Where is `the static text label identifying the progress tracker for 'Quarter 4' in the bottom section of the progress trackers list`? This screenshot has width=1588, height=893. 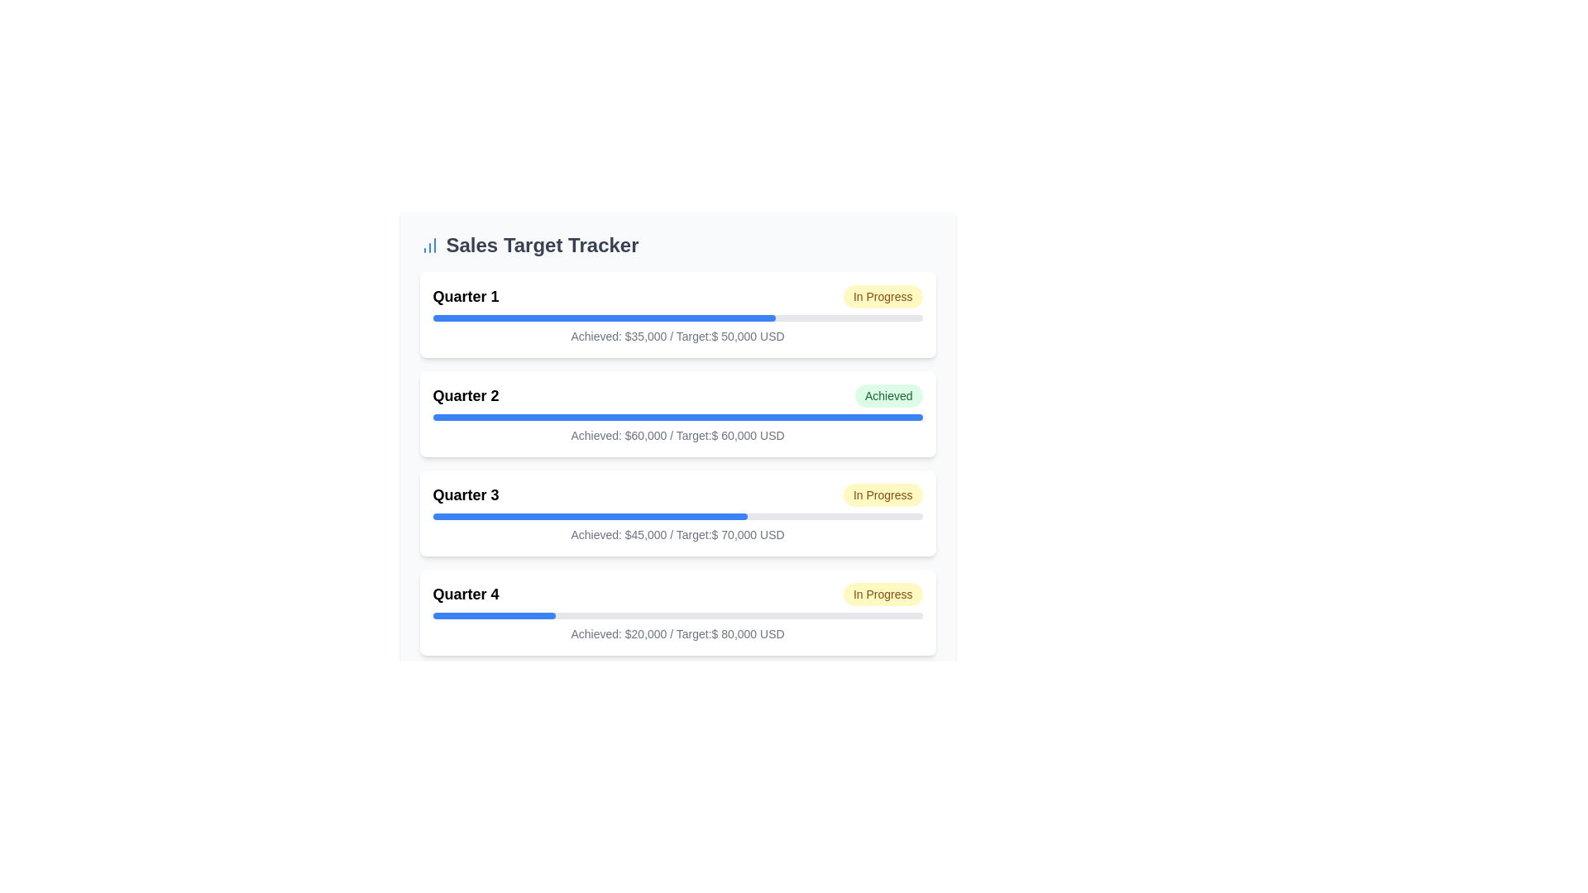 the static text label identifying the progress tracker for 'Quarter 4' in the bottom section of the progress trackers list is located at coordinates (465, 593).